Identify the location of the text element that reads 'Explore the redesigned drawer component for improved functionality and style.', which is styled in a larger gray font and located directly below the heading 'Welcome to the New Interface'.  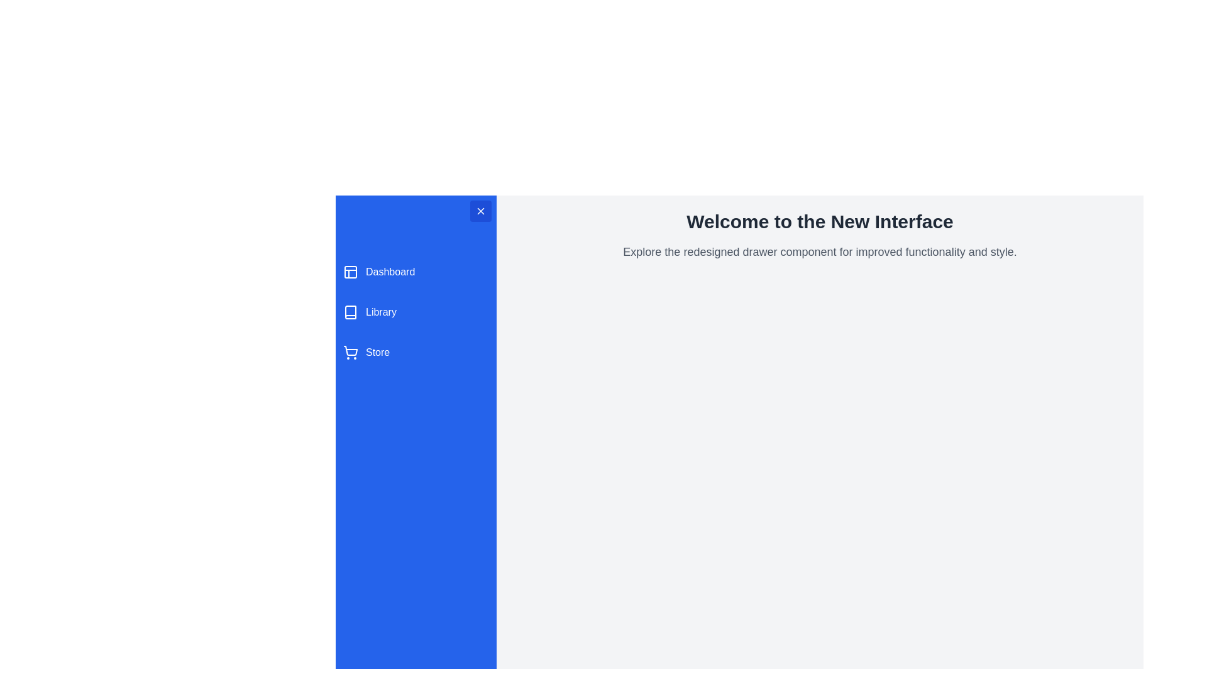
(820, 252).